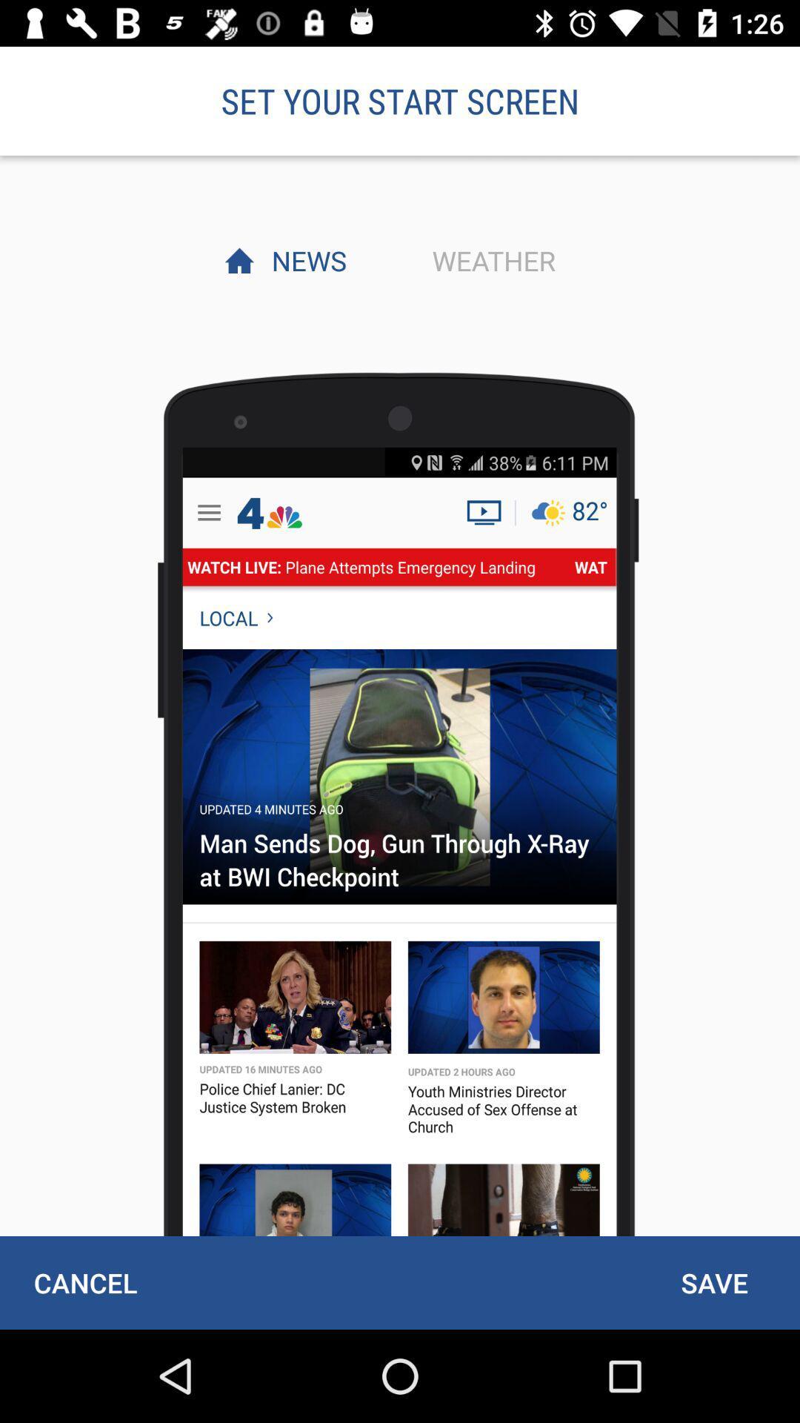 This screenshot has height=1423, width=800. What do you see at coordinates (713, 1282) in the screenshot?
I see `item next to the cancel item` at bounding box center [713, 1282].